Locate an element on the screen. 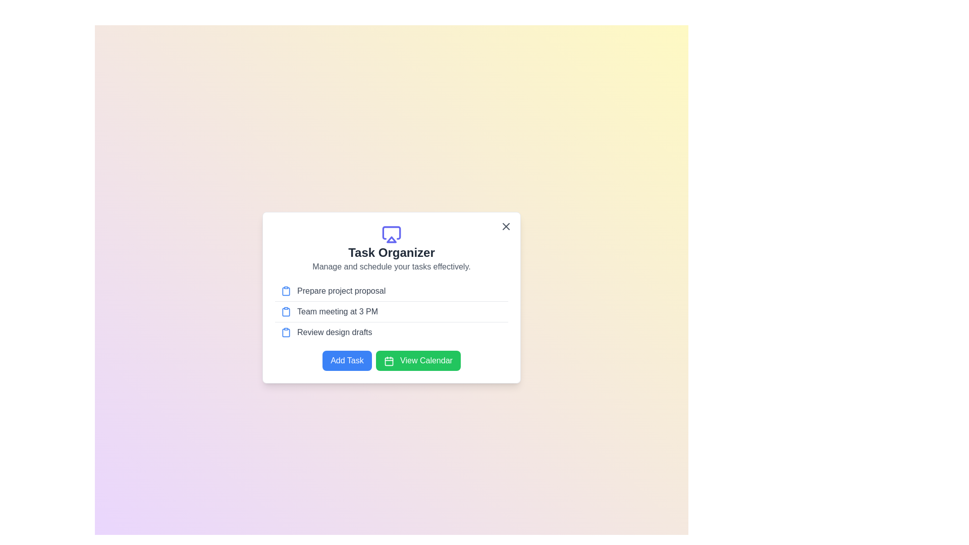 The width and height of the screenshot is (969, 545). the label reading 'Prepare project proposal', which is styled in a clean, sans-serif font and is positioned at the top of the task list in the centered popup interface is located at coordinates (341, 291).